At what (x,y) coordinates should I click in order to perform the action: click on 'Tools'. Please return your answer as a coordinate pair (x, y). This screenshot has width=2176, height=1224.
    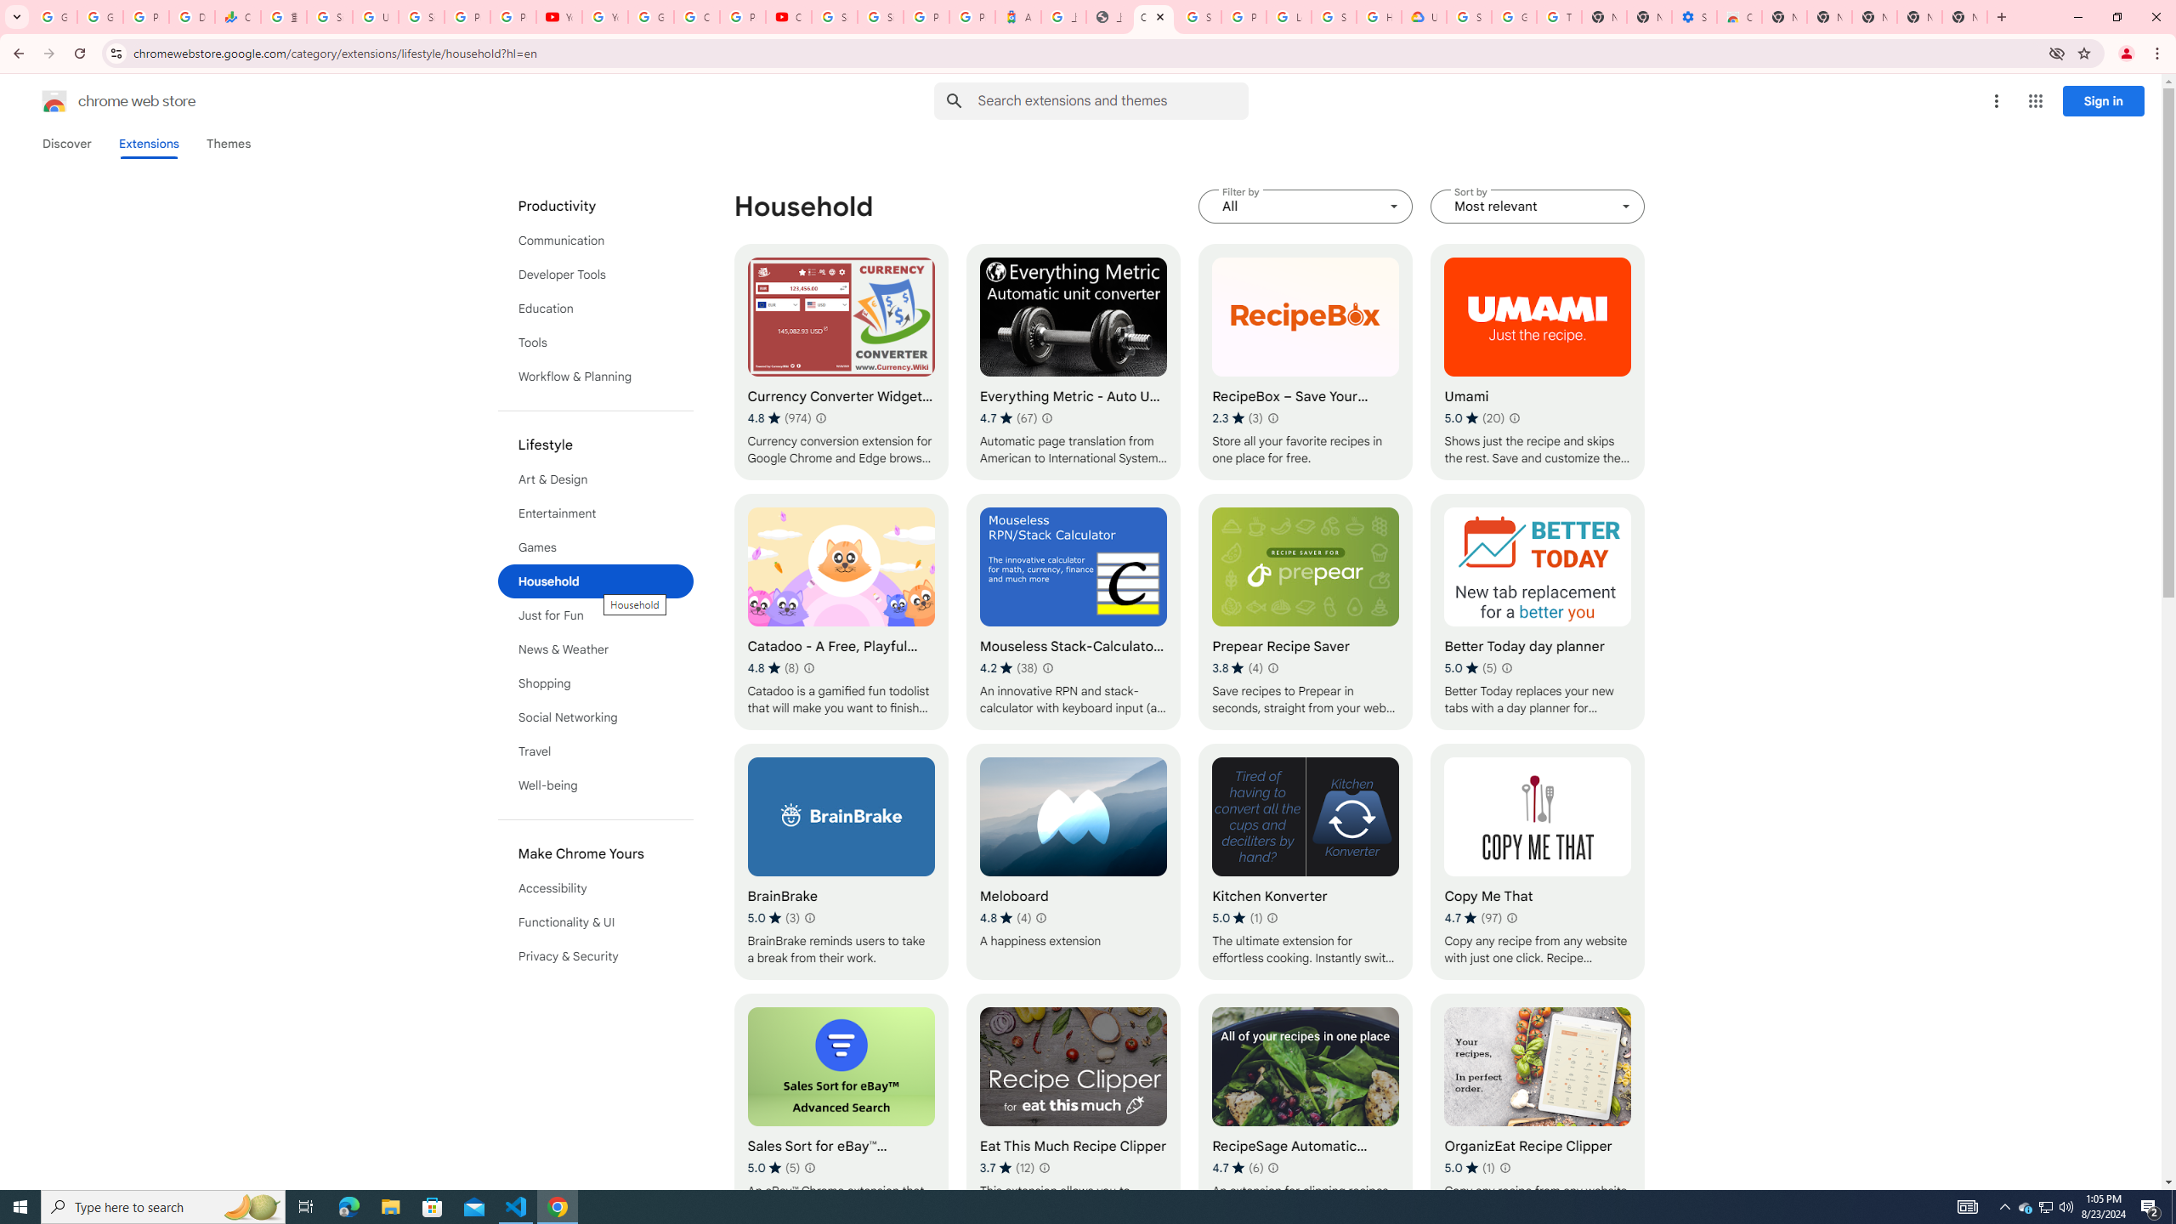
    Looking at the image, I should click on (596, 342).